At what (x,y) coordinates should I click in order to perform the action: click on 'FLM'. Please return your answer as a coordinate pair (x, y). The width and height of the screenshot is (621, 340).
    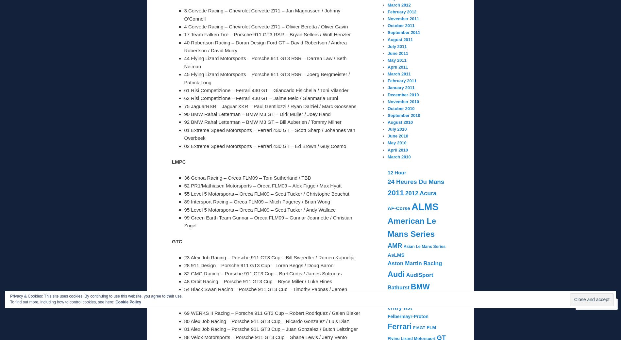
    Looking at the image, I should click on (431, 327).